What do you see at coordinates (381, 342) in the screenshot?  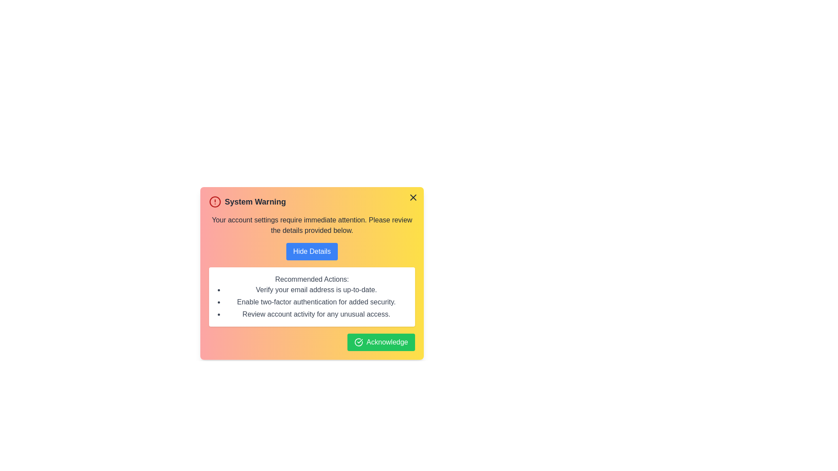 I see `the 'Acknowledge' button to confirm the warning message` at bounding box center [381, 342].